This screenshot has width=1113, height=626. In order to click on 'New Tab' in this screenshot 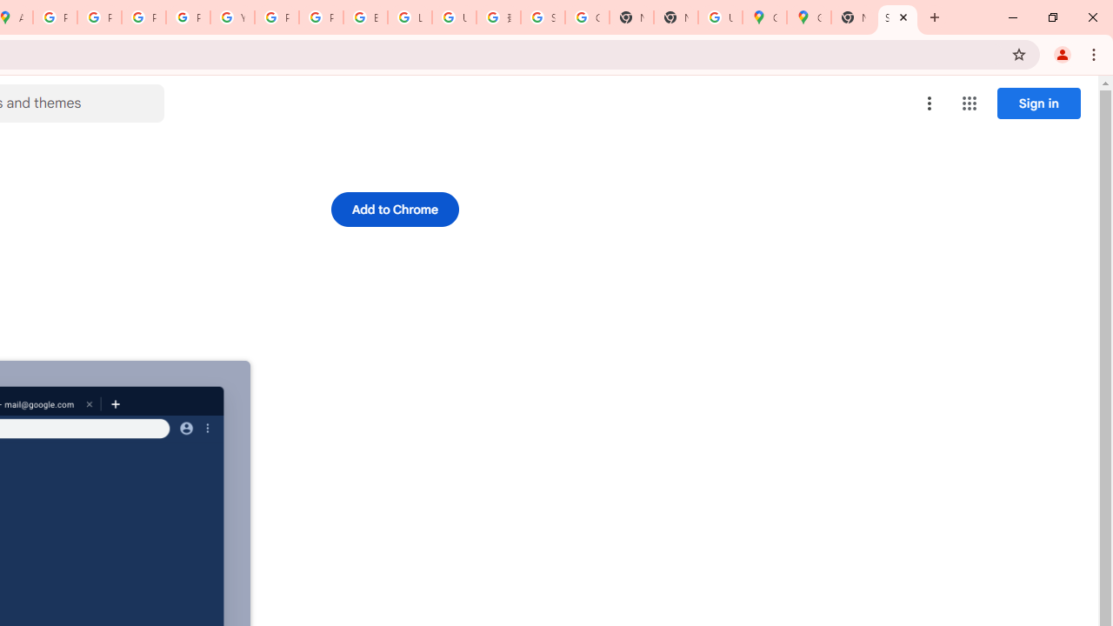, I will do `click(853, 17)`.